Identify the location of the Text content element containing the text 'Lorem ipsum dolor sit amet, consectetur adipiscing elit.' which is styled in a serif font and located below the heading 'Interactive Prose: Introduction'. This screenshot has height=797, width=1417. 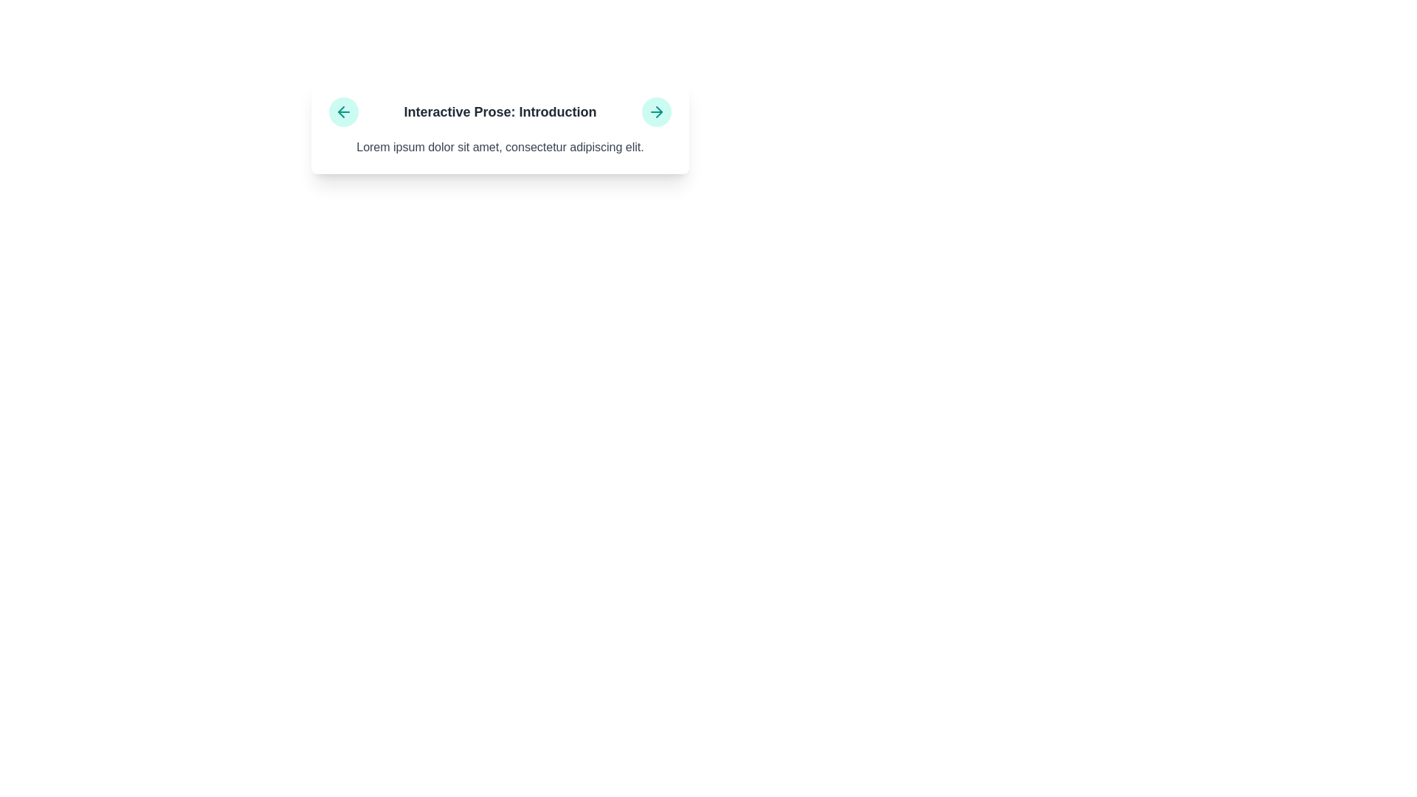
(500, 148).